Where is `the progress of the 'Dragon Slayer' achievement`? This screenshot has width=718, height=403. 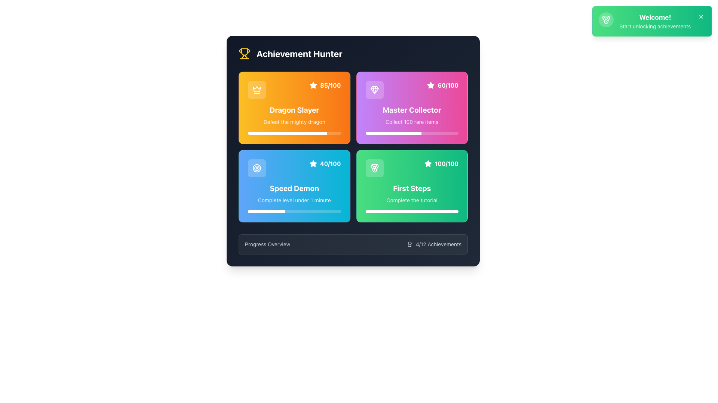
the progress of the 'Dragon Slayer' achievement is located at coordinates (295, 133).